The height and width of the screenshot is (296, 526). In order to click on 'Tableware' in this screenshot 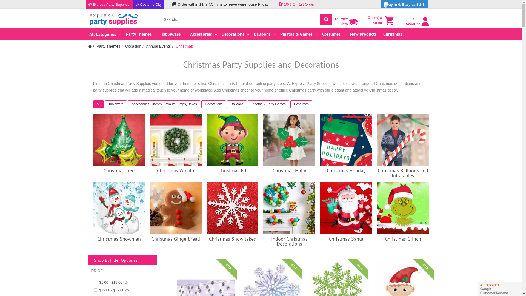, I will do `click(116, 104)`.